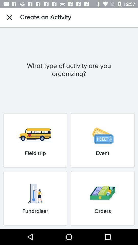  Describe the element at coordinates (9, 17) in the screenshot. I see `the item to the left of create an activity app` at that location.